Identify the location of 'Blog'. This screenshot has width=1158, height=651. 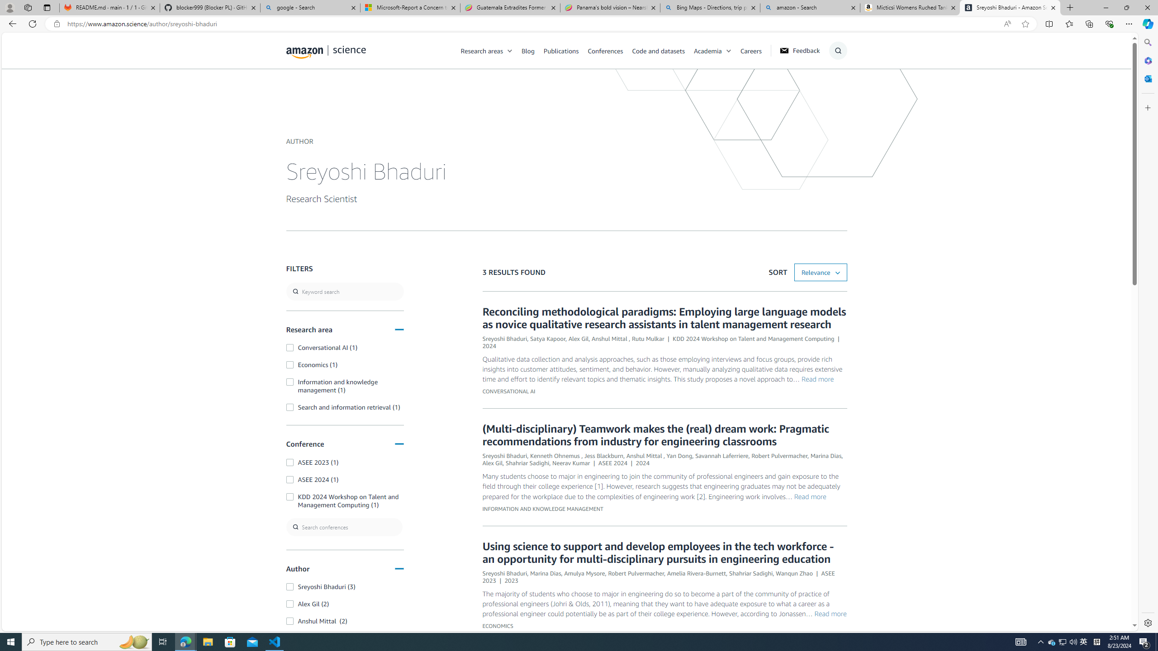
(532, 50).